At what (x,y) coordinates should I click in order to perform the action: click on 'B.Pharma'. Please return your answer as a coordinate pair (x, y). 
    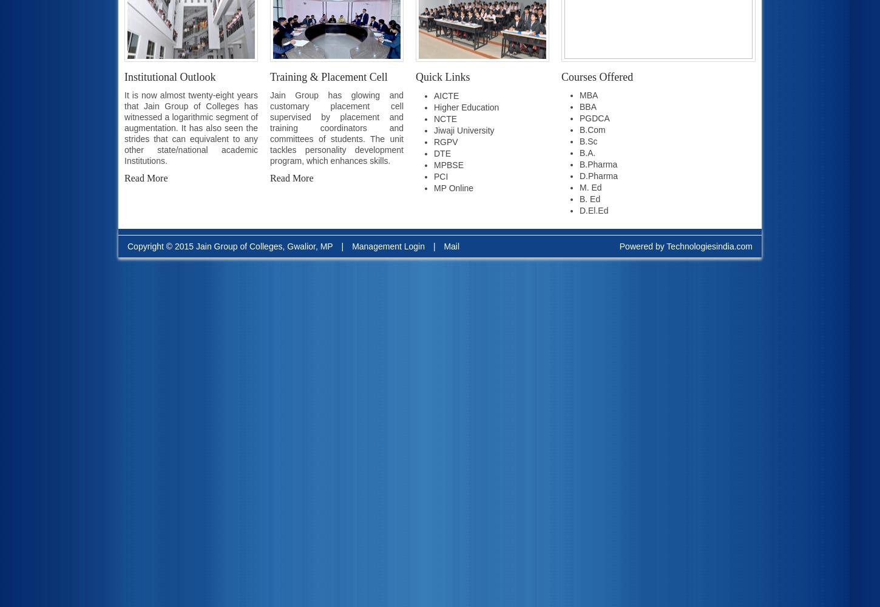
    Looking at the image, I should click on (598, 164).